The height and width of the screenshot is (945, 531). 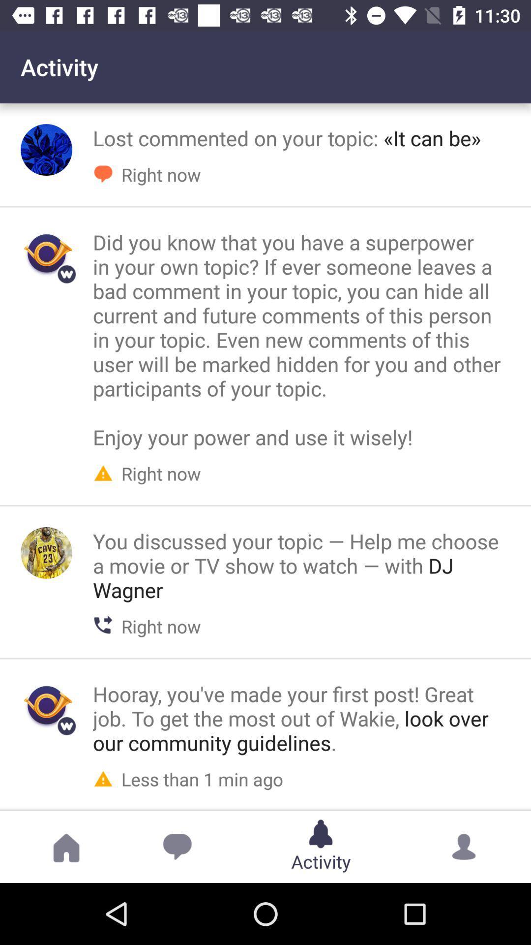 What do you see at coordinates (321, 833) in the screenshot?
I see `the activity button` at bounding box center [321, 833].